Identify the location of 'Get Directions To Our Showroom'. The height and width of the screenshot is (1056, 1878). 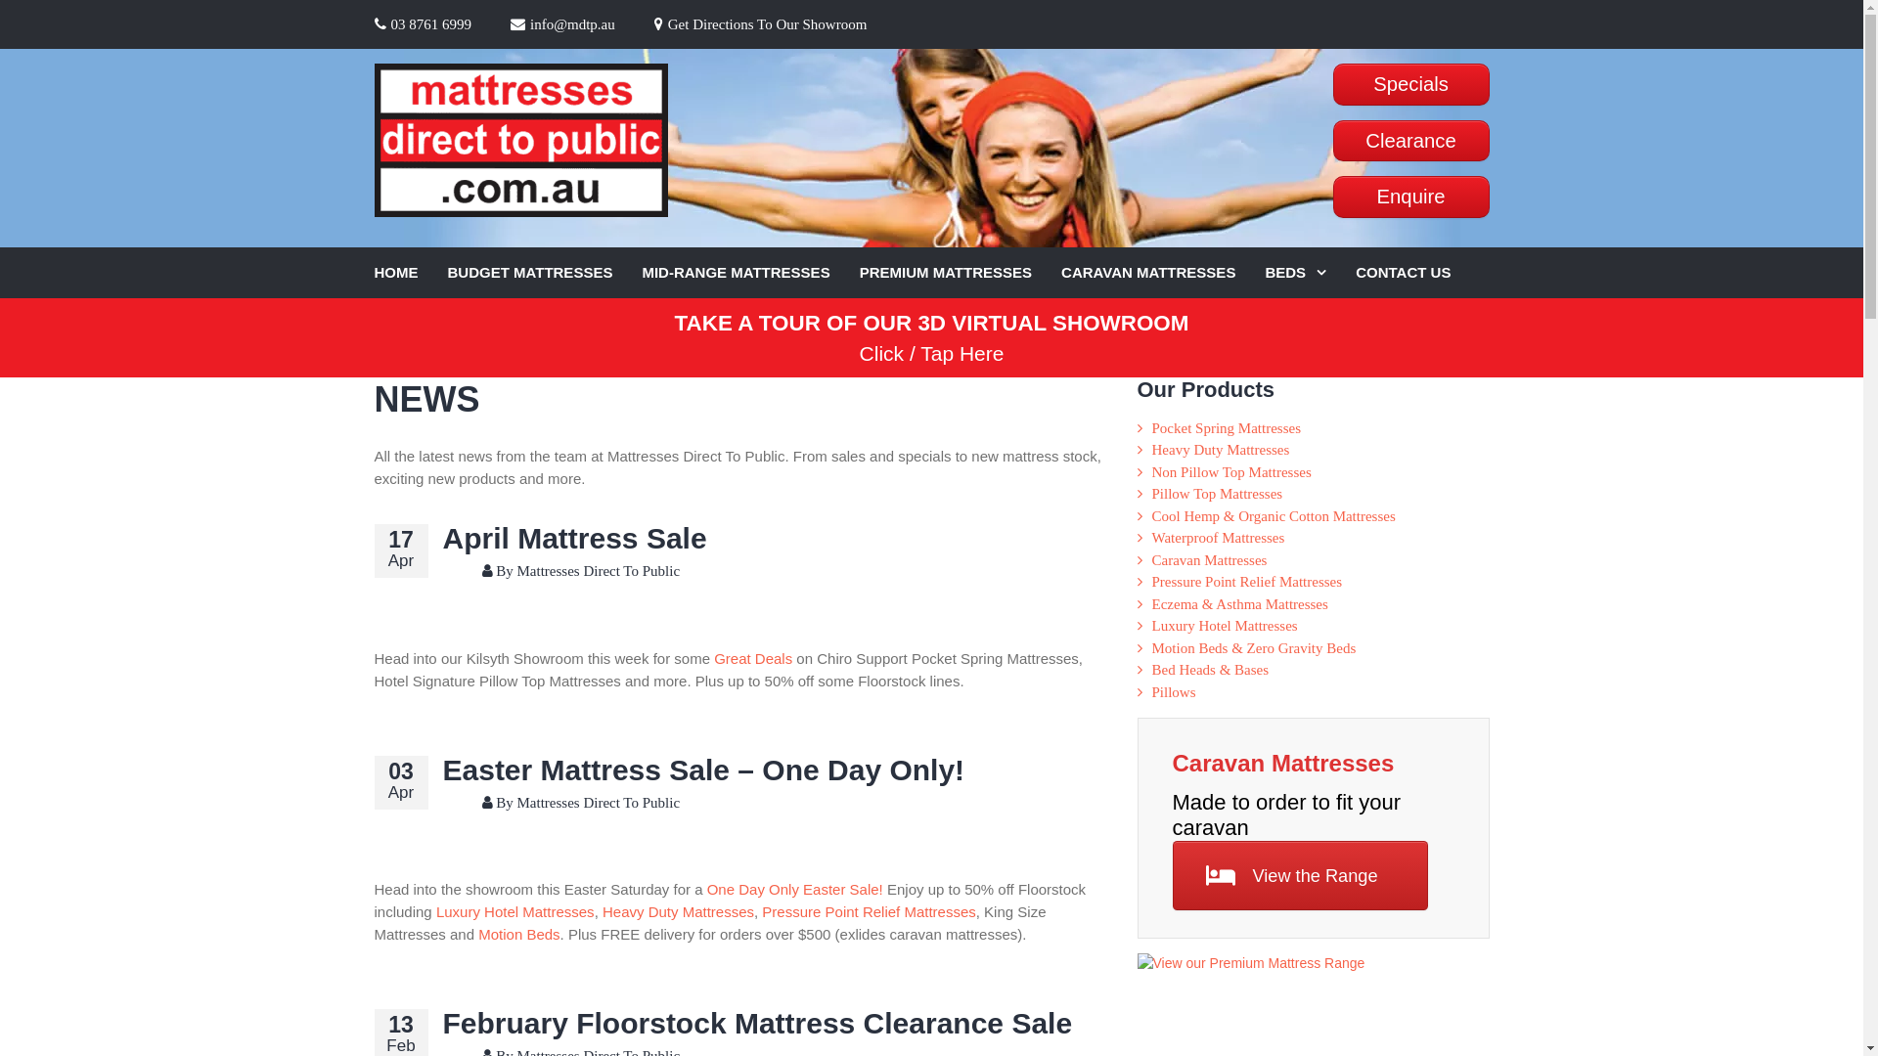
(759, 23).